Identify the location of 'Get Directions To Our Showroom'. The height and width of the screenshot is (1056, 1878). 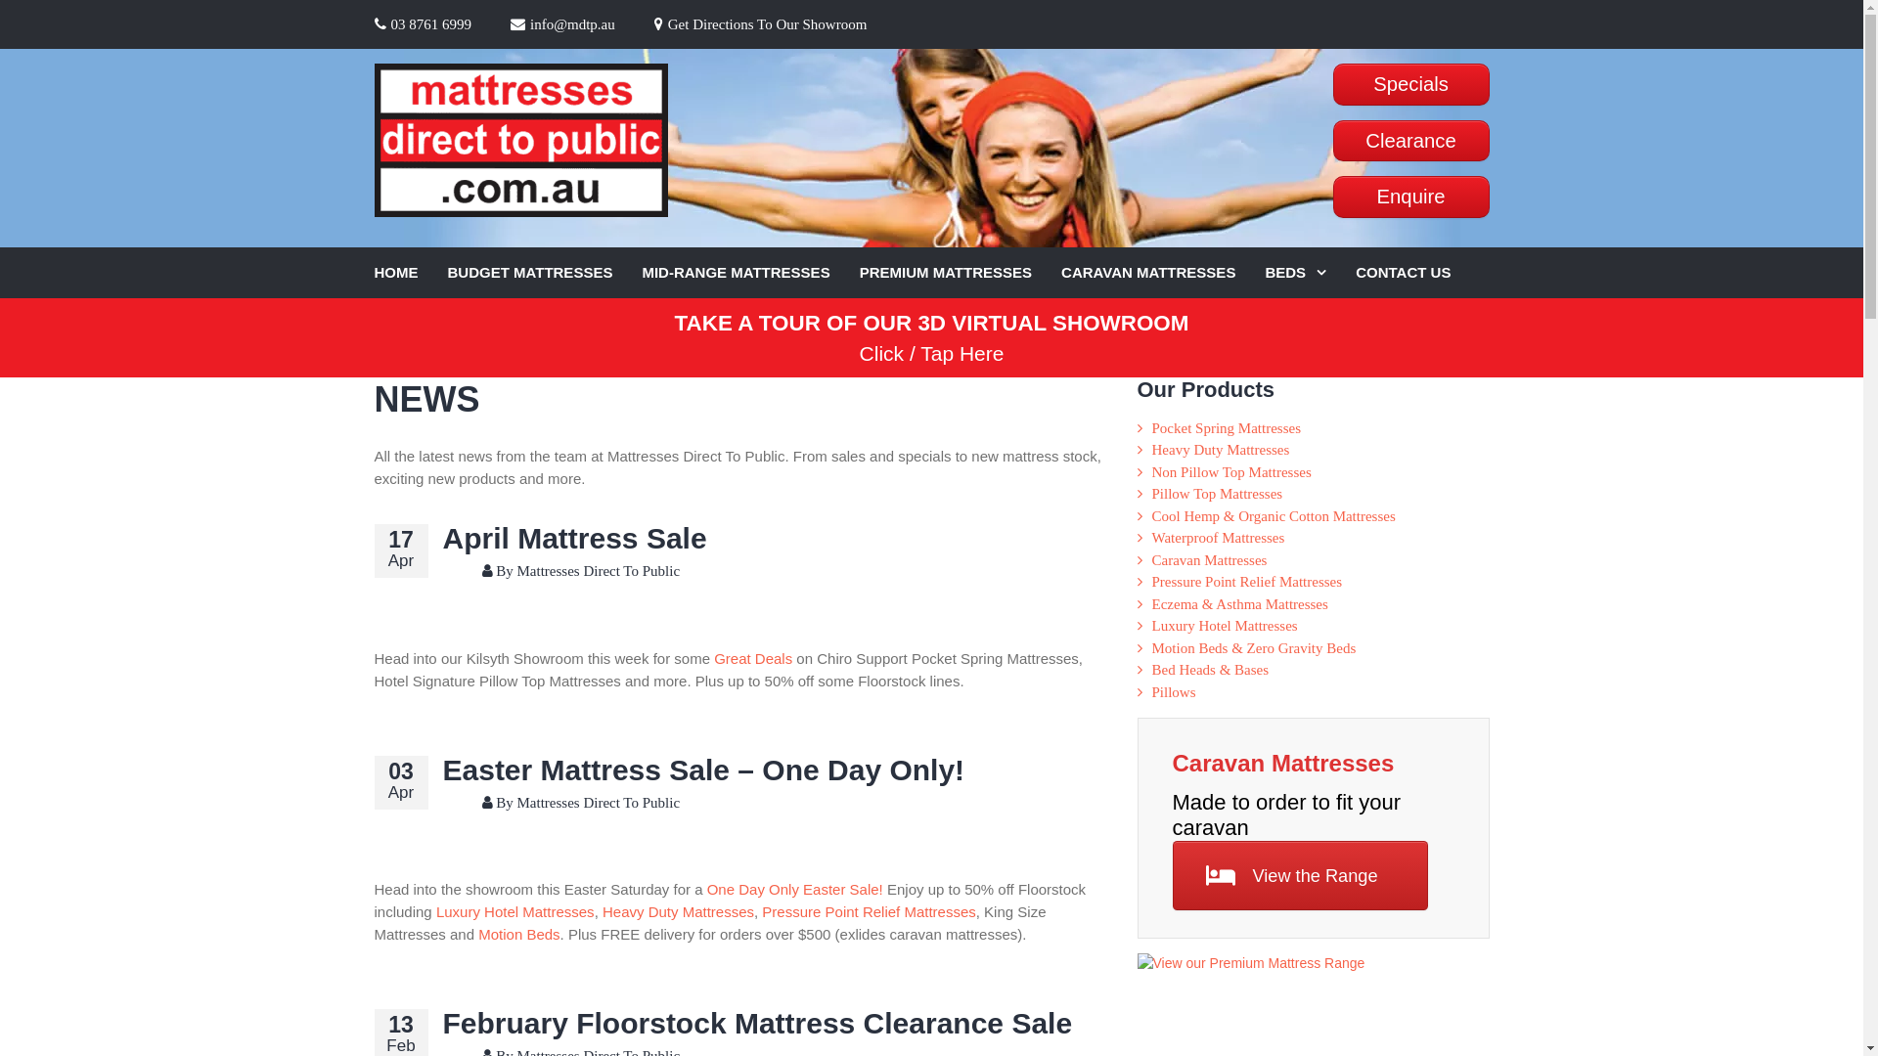
(759, 23).